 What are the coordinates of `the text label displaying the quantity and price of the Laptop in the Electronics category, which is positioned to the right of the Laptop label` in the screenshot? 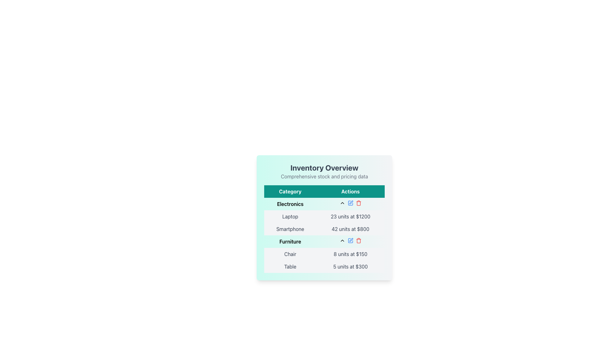 It's located at (350, 216).